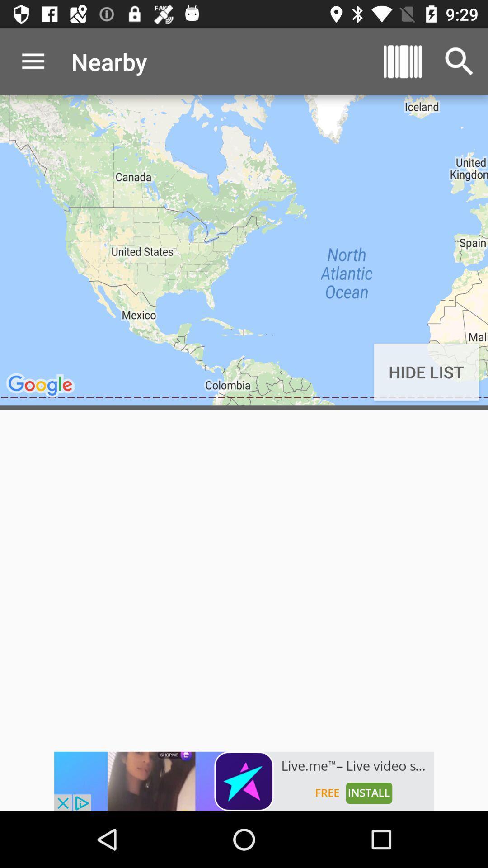 Image resolution: width=488 pixels, height=868 pixels. I want to click on advertising partner, so click(244, 781).